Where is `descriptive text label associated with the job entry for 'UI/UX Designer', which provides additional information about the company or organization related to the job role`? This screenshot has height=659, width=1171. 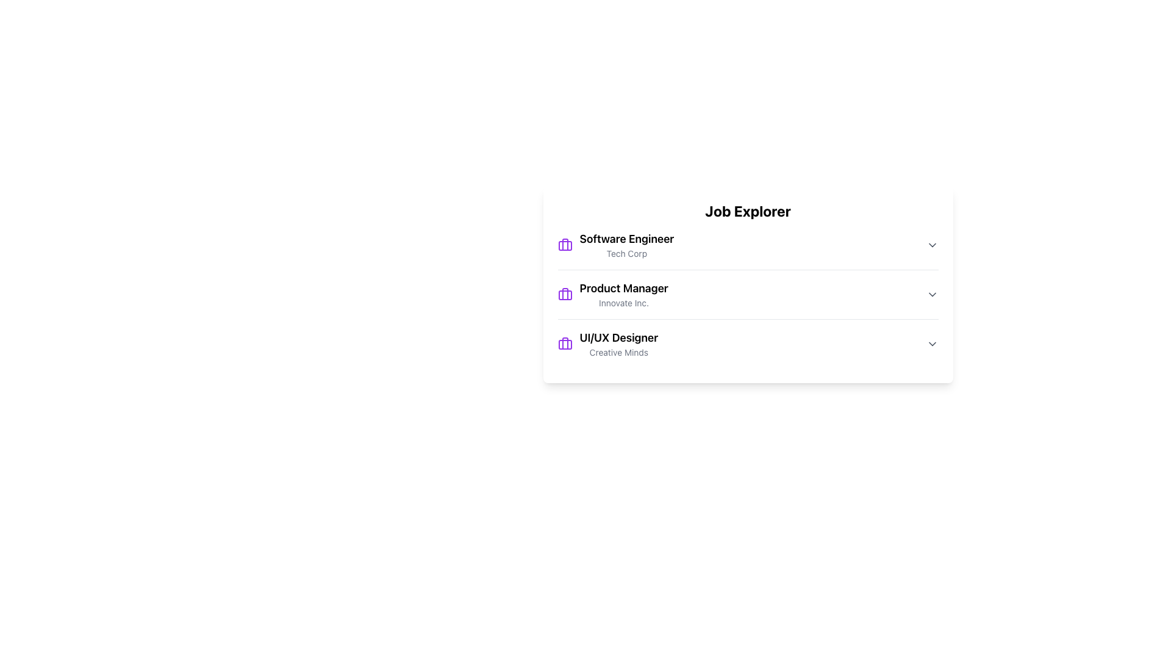 descriptive text label associated with the job entry for 'UI/UX Designer', which provides additional information about the company or organization related to the job role is located at coordinates (618, 353).